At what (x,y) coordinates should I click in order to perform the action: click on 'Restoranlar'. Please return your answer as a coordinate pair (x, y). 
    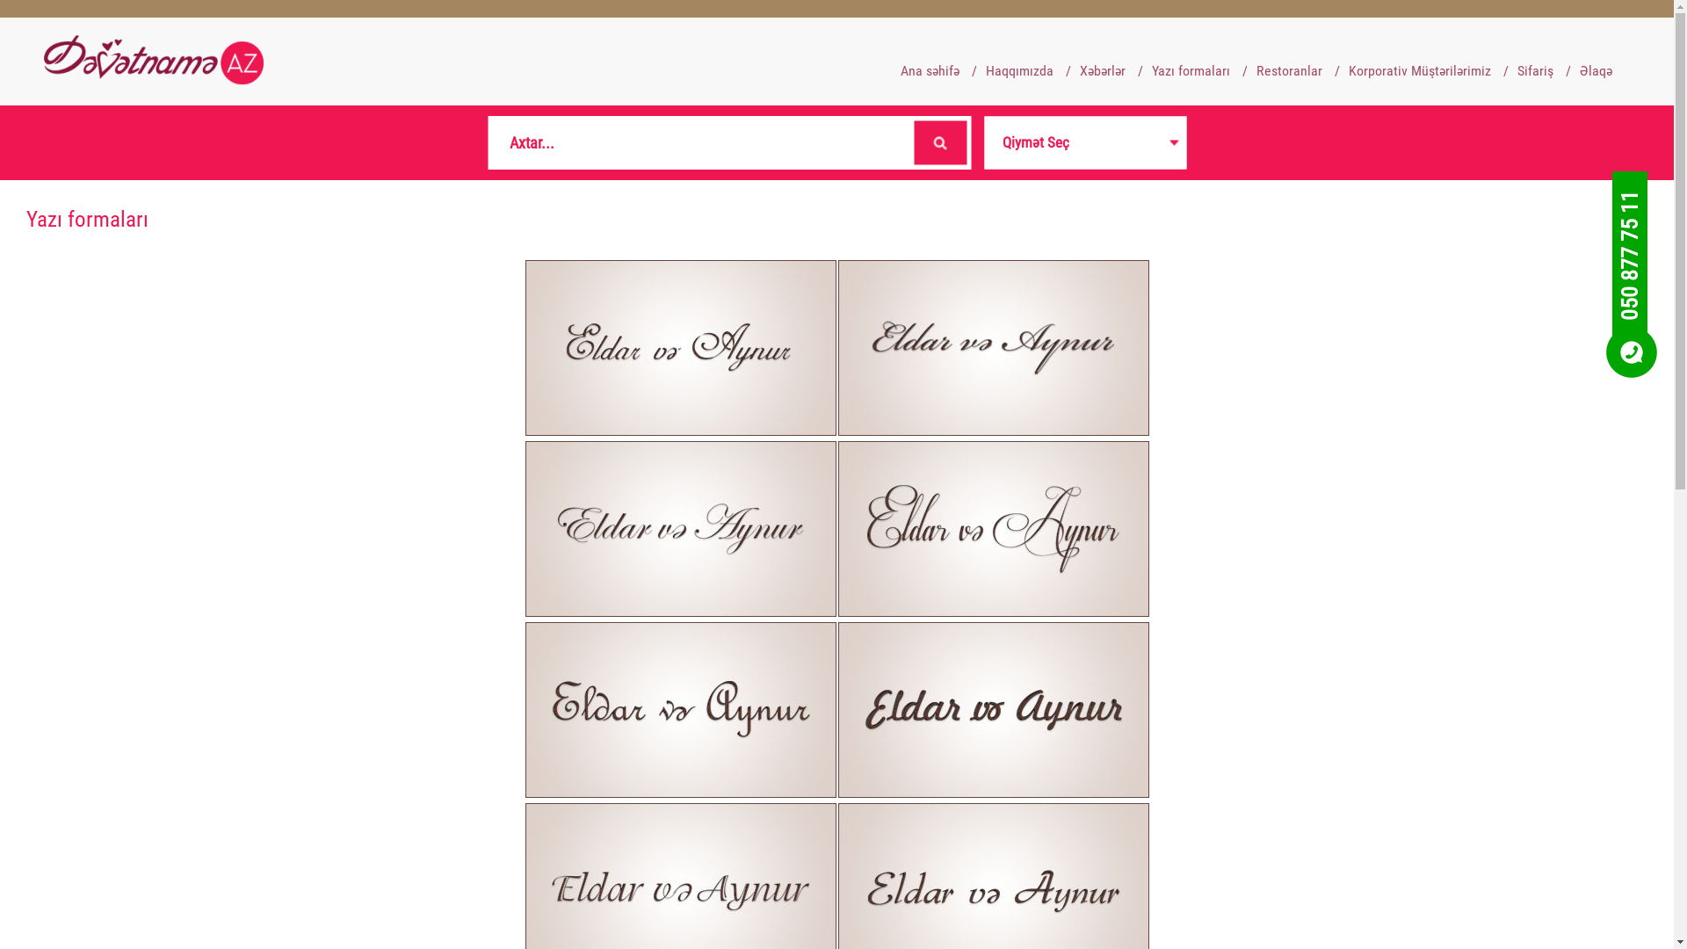
    Looking at the image, I should click on (1289, 69).